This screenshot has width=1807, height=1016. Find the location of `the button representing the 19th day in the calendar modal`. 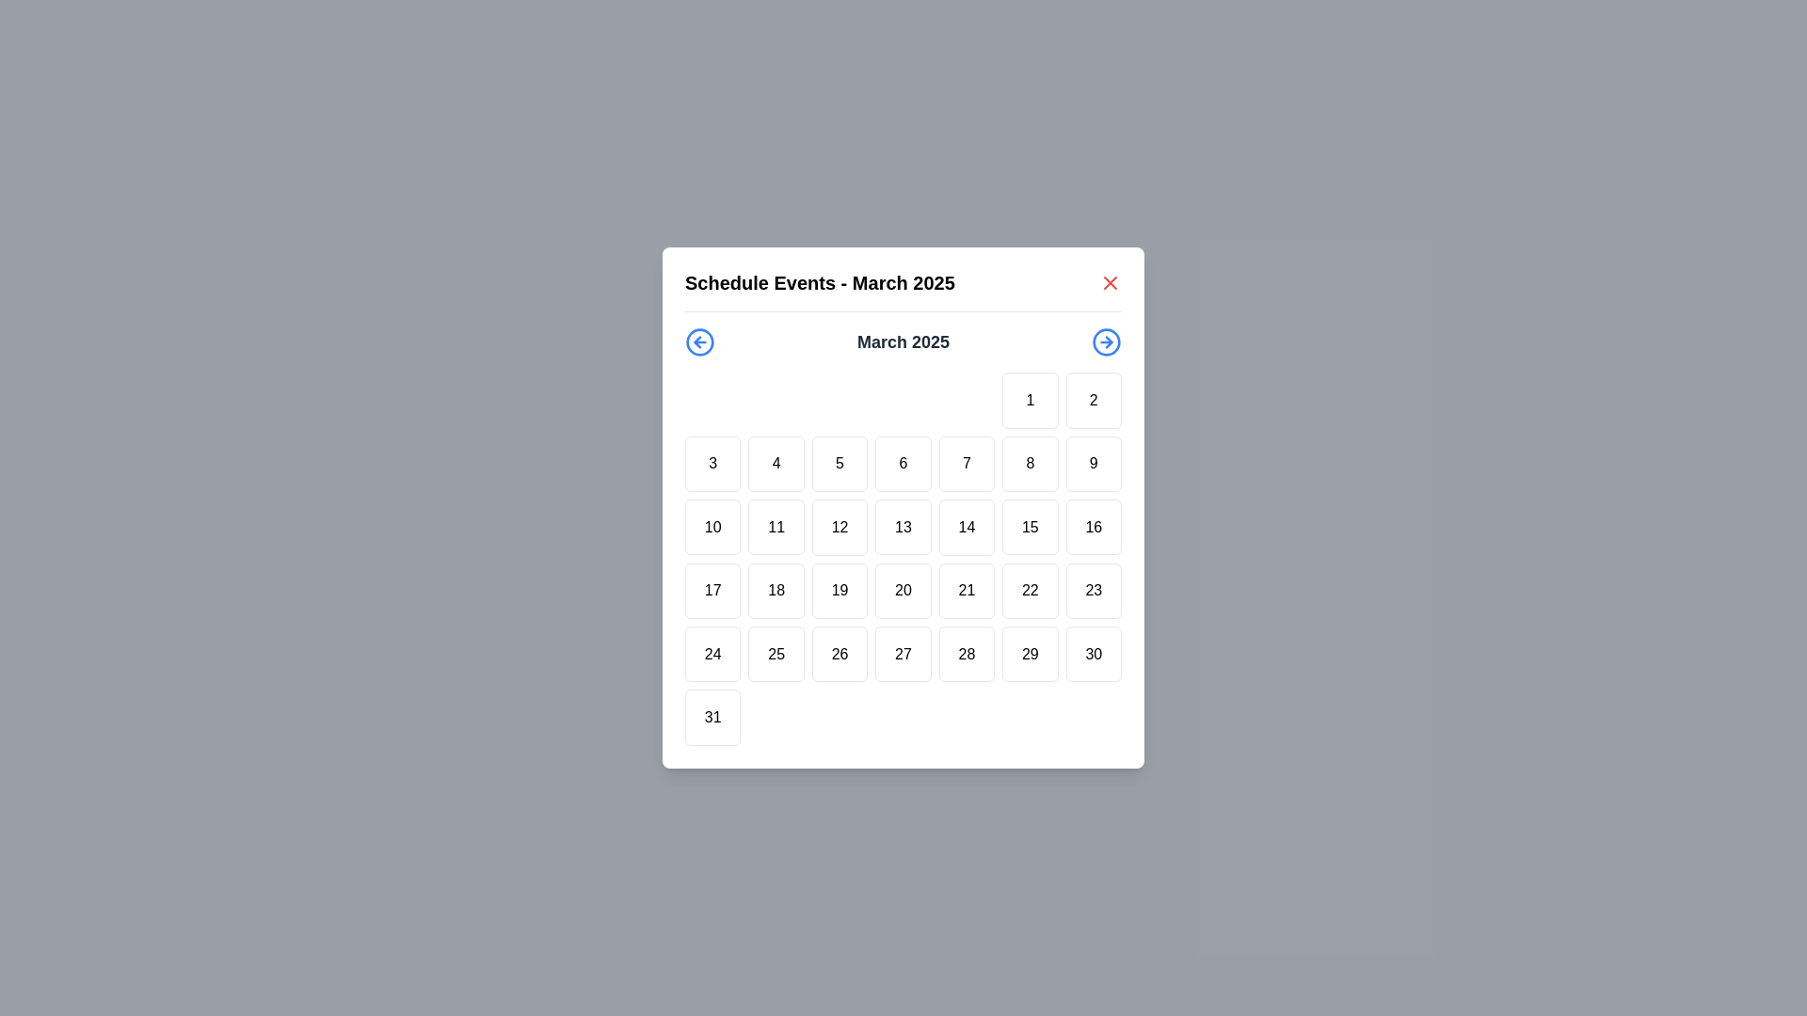

the button representing the 19th day in the calendar modal is located at coordinates (839, 590).